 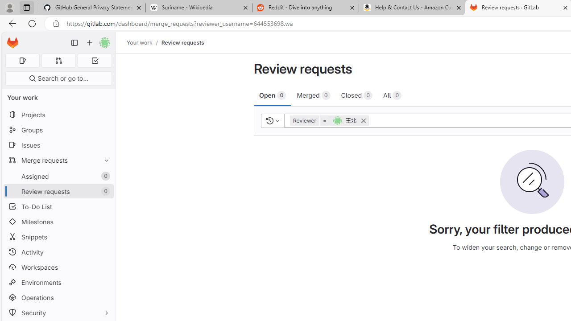 I want to click on 'Suriname - Wikipedia', so click(x=198, y=8).